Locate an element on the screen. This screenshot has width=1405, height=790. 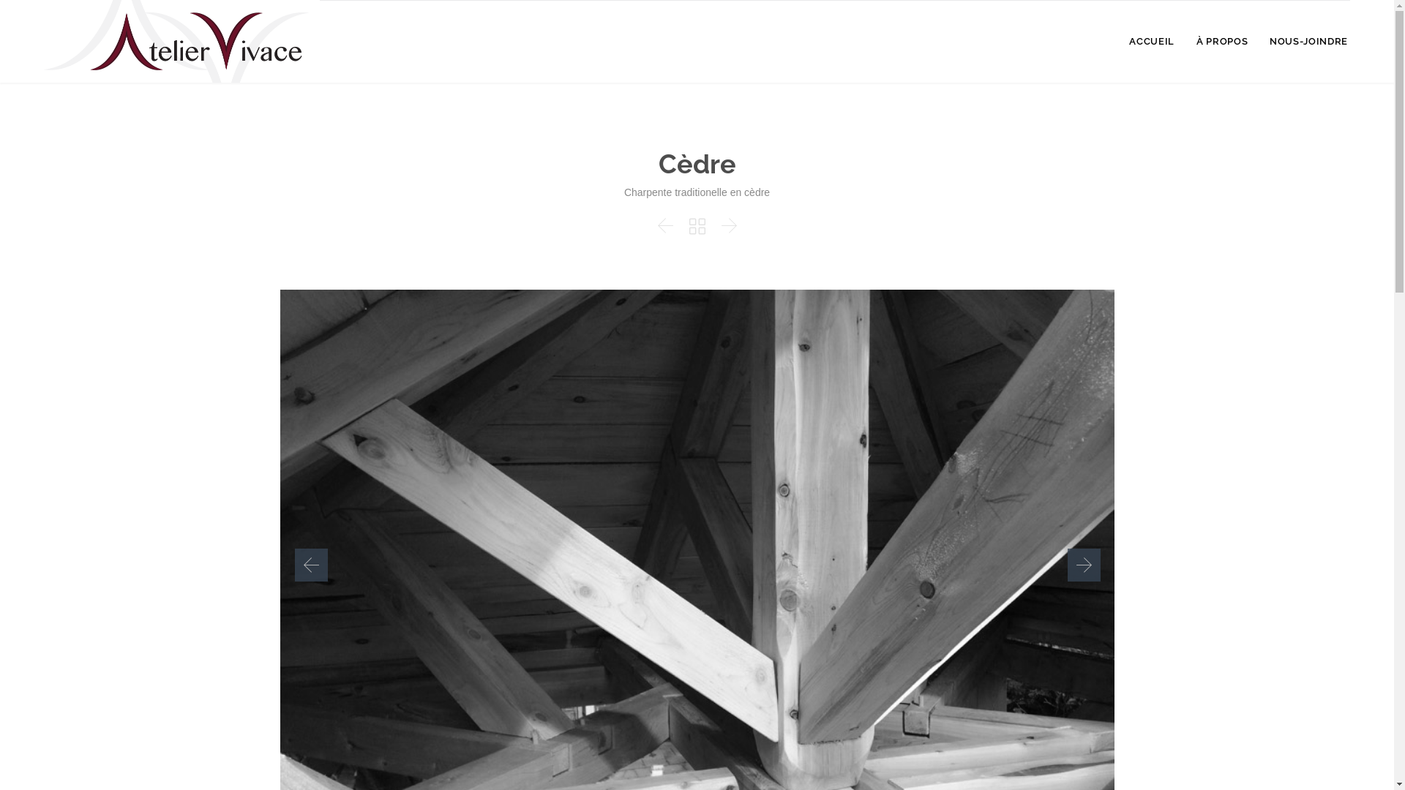
'Atelier Vivace' is located at coordinates (181, 40).